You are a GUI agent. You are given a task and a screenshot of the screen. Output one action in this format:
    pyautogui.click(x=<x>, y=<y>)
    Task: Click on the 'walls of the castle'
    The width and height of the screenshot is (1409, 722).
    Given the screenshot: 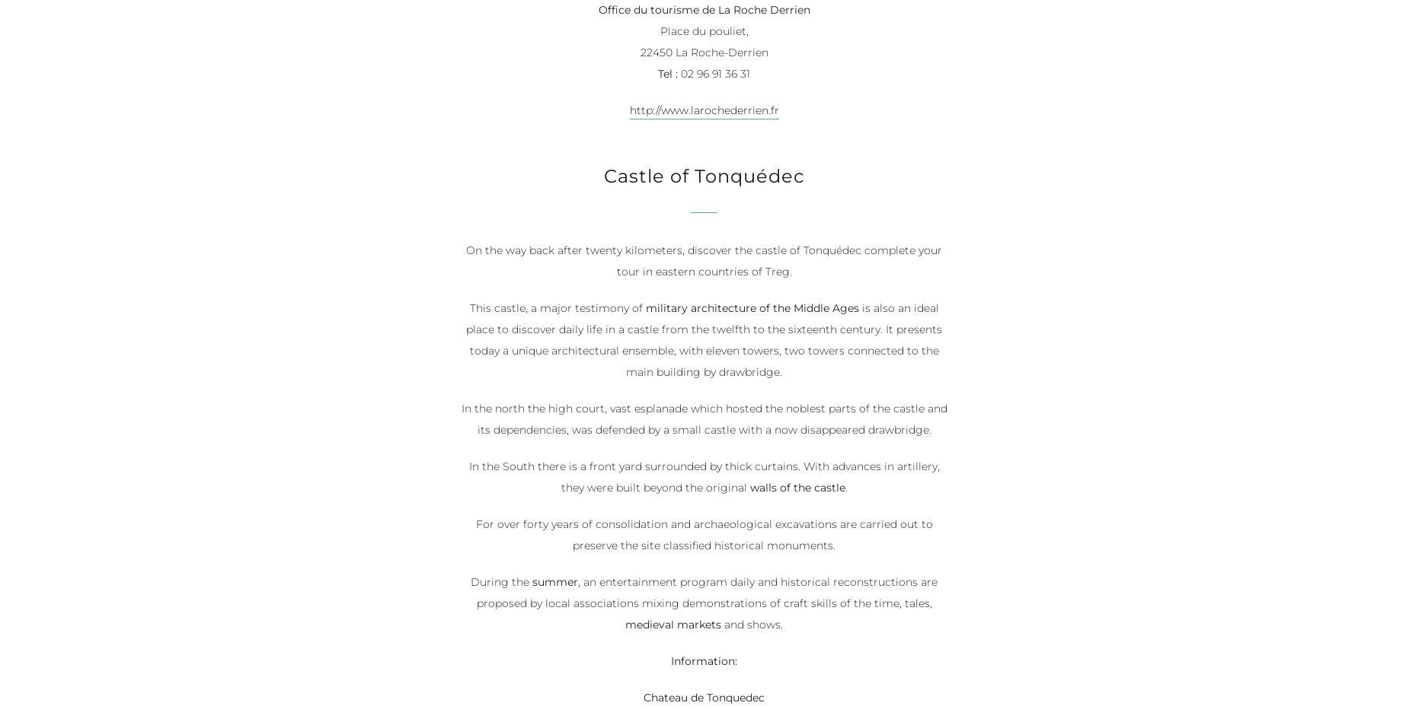 What is the action you would take?
    pyautogui.click(x=796, y=488)
    